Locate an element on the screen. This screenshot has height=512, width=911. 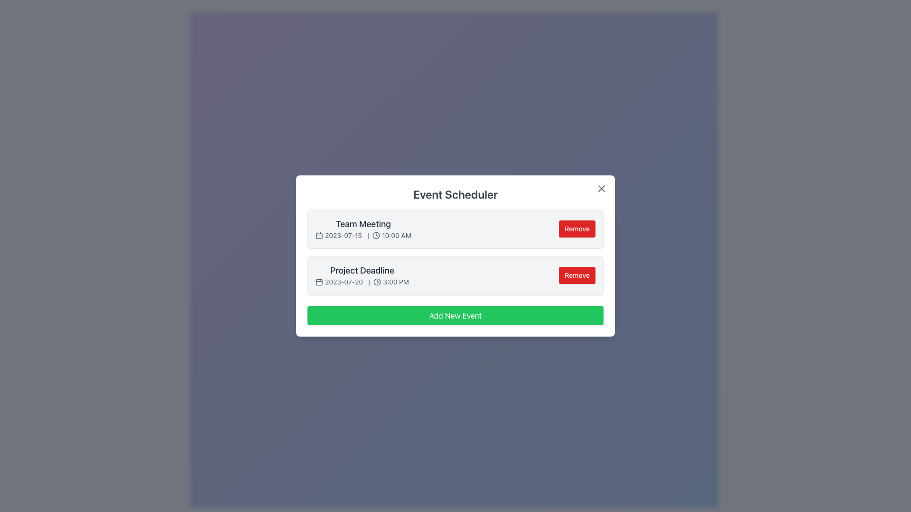
the text displaying the date and time of the event located in the 'Team Meeting' section, positioned horizontally between the calendar and clock icons is located at coordinates (363, 235).